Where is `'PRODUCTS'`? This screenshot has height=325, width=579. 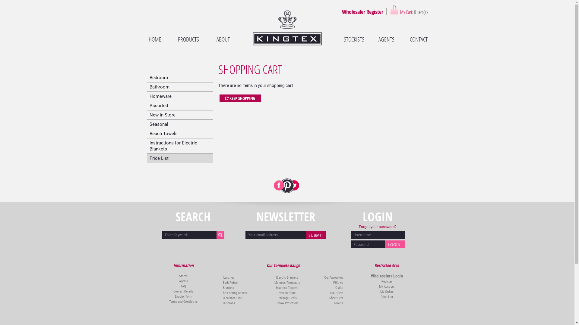 'PRODUCTS' is located at coordinates (188, 39).